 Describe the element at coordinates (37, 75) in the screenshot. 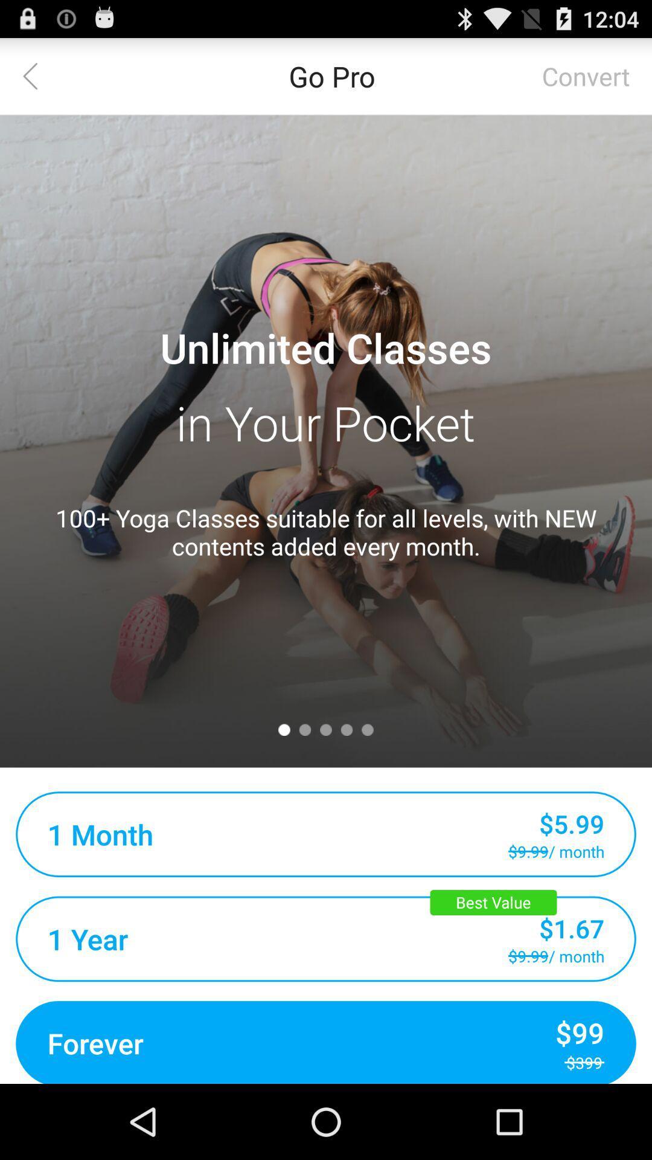

I see `the icon next to the go pro` at that location.